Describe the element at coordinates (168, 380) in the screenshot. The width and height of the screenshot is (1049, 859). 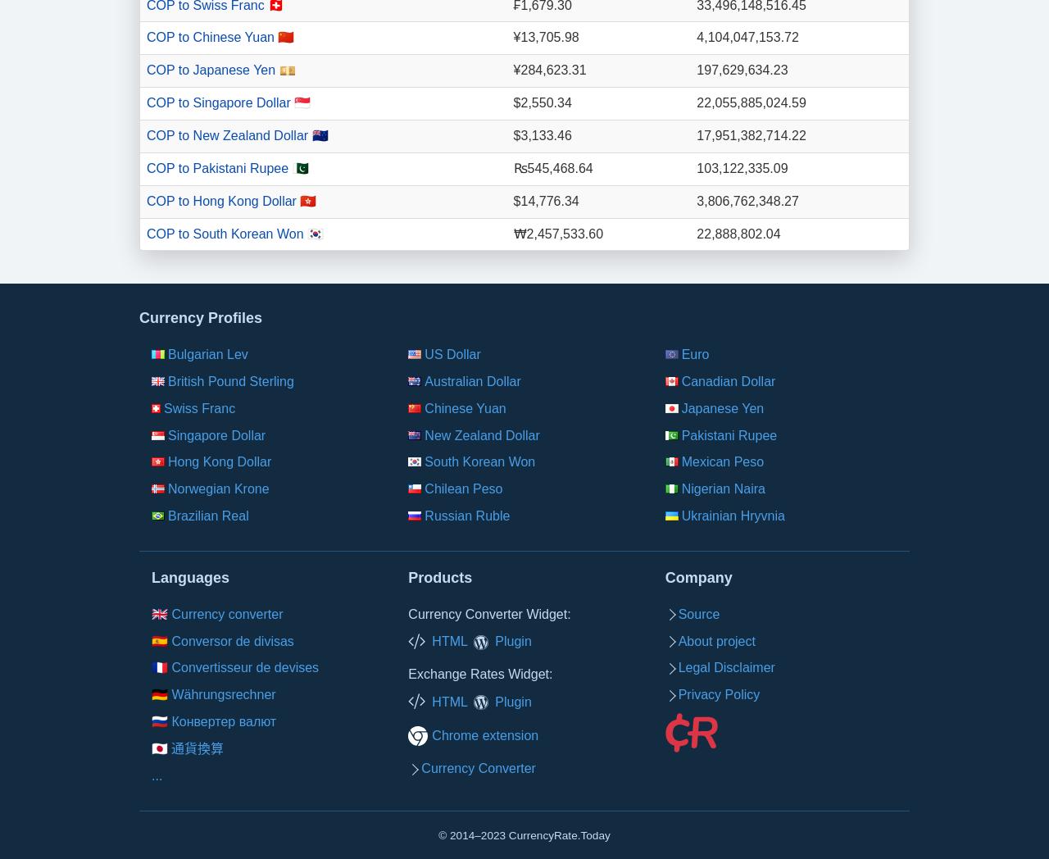
I see `'British Pound Sterling'` at that location.